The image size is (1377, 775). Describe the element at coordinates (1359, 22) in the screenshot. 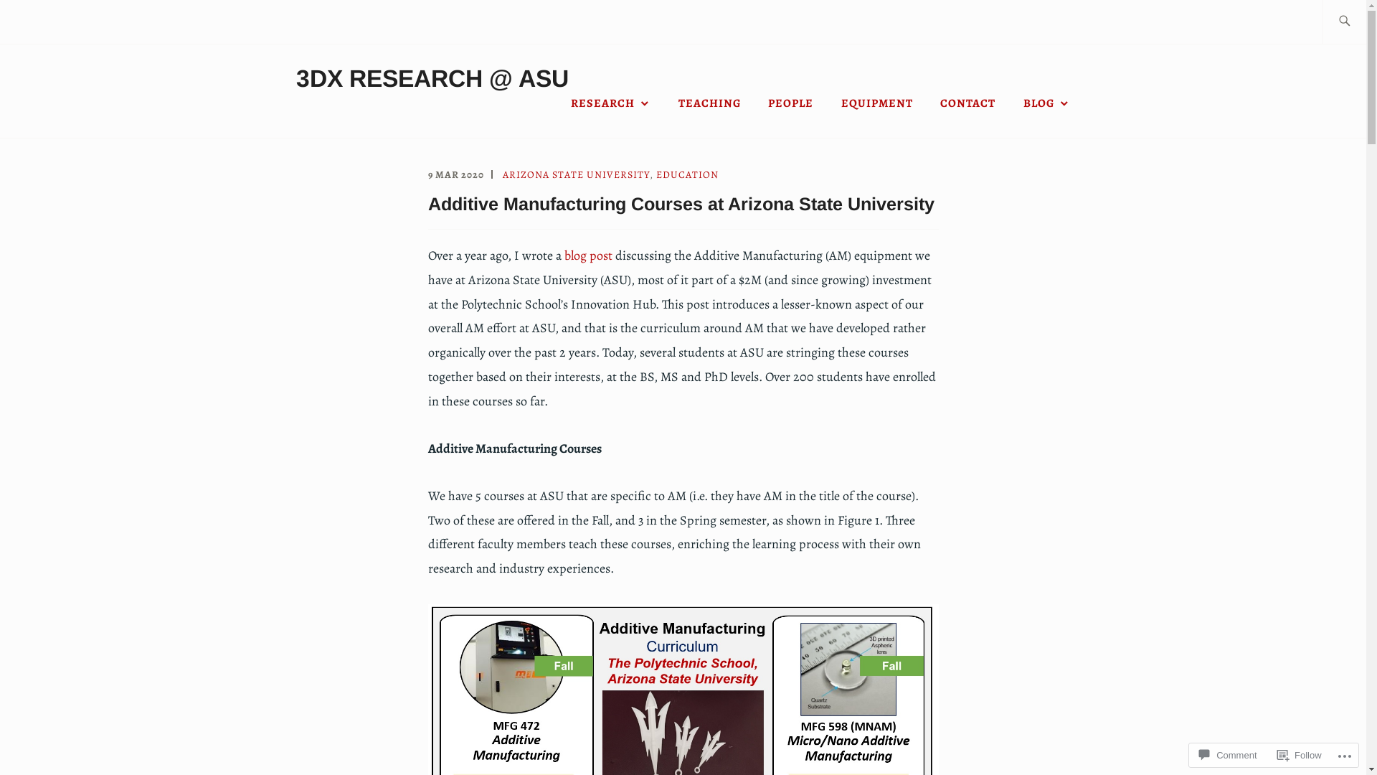

I see `'Search for:'` at that location.